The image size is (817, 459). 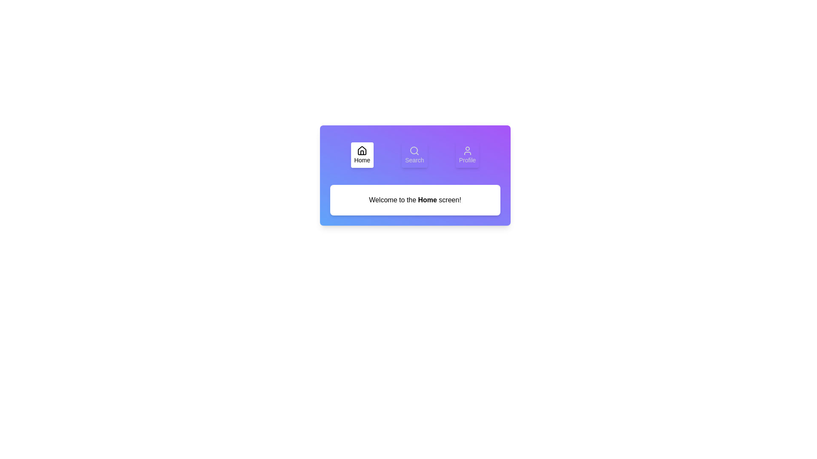 I want to click on the 'Search' button, which is the second button in a group of three, featuring a magnifying glass icon and a gray background, so click(x=414, y=155).